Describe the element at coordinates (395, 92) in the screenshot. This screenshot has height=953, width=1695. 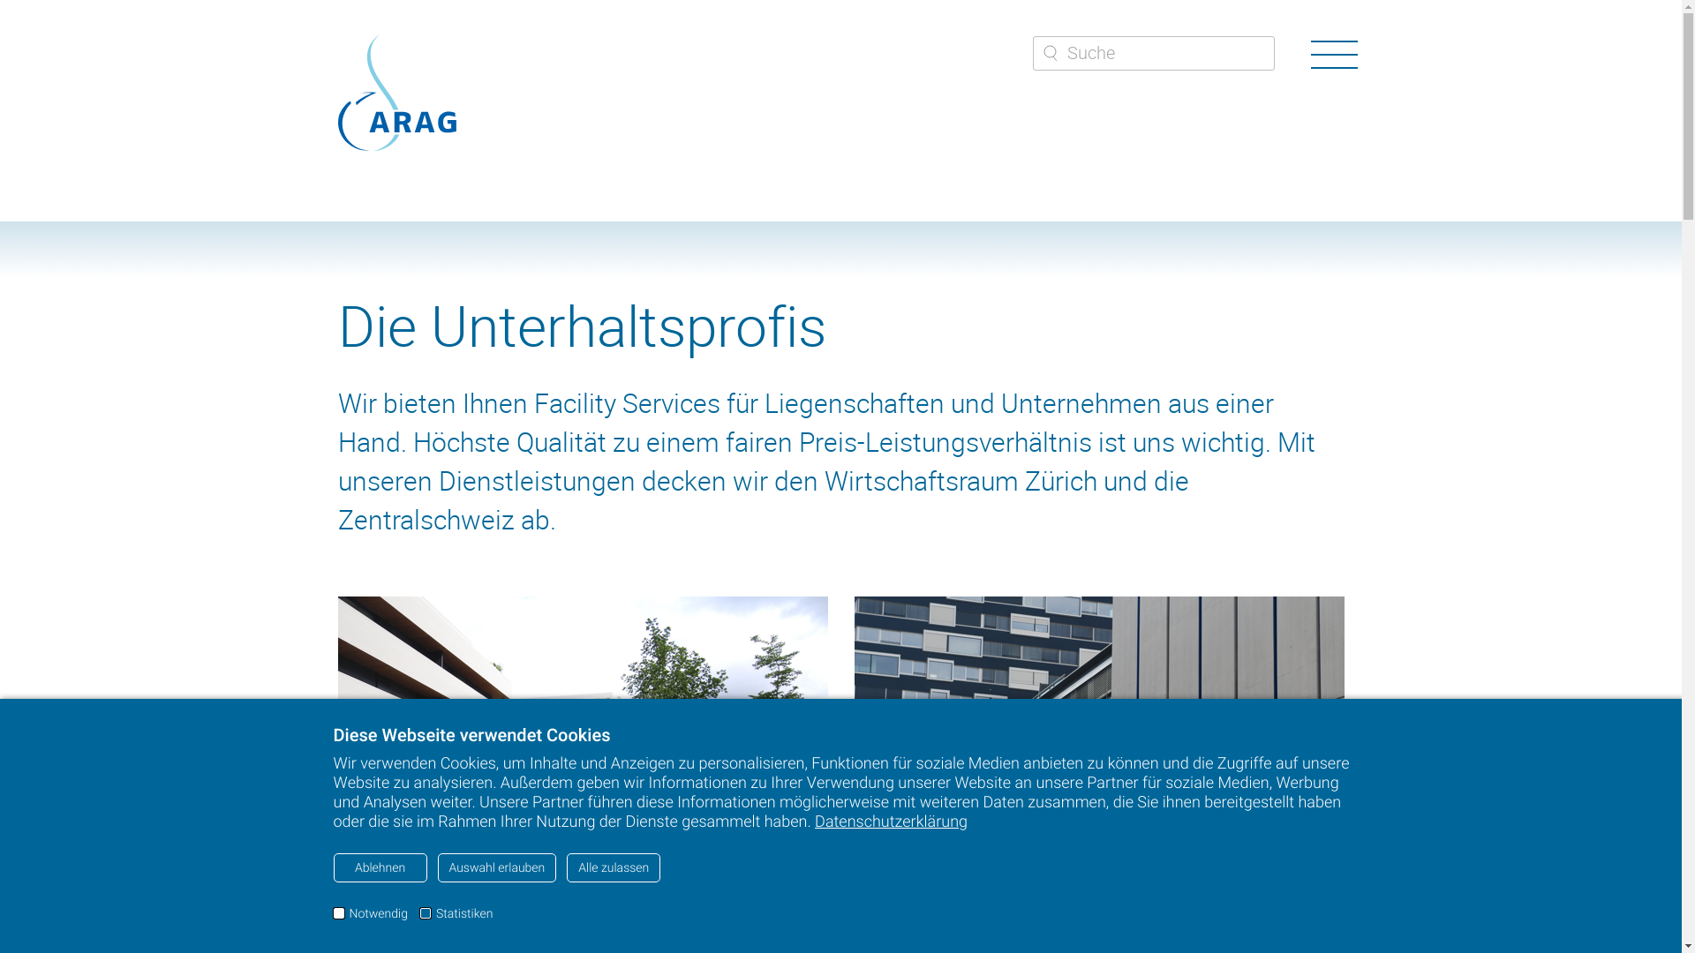
I see `'Home'` at that location.